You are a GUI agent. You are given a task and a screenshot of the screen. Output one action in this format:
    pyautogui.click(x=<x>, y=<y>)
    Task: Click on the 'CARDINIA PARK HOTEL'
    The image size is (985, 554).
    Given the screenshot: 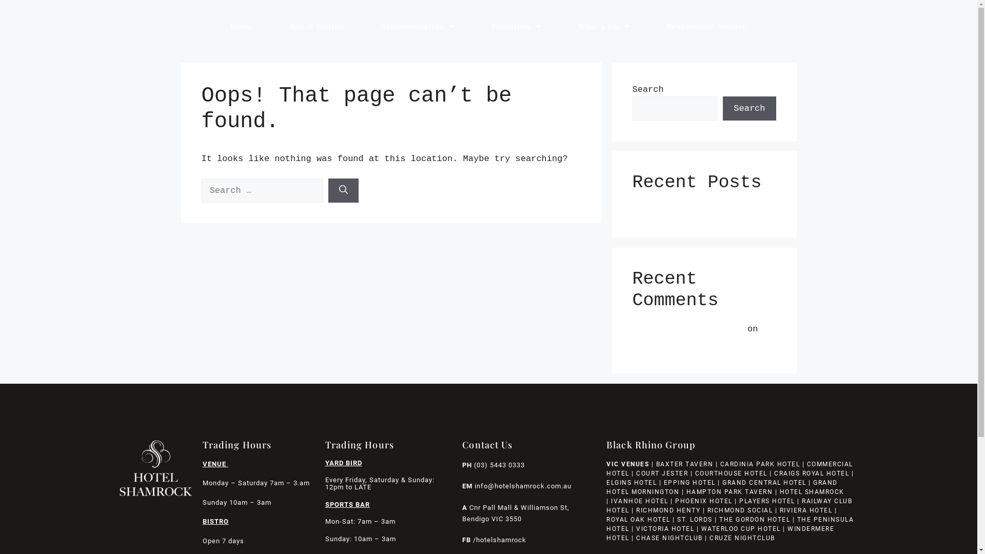 What is the action you would take?
    pyautogui.click(x=760, y=464)
    